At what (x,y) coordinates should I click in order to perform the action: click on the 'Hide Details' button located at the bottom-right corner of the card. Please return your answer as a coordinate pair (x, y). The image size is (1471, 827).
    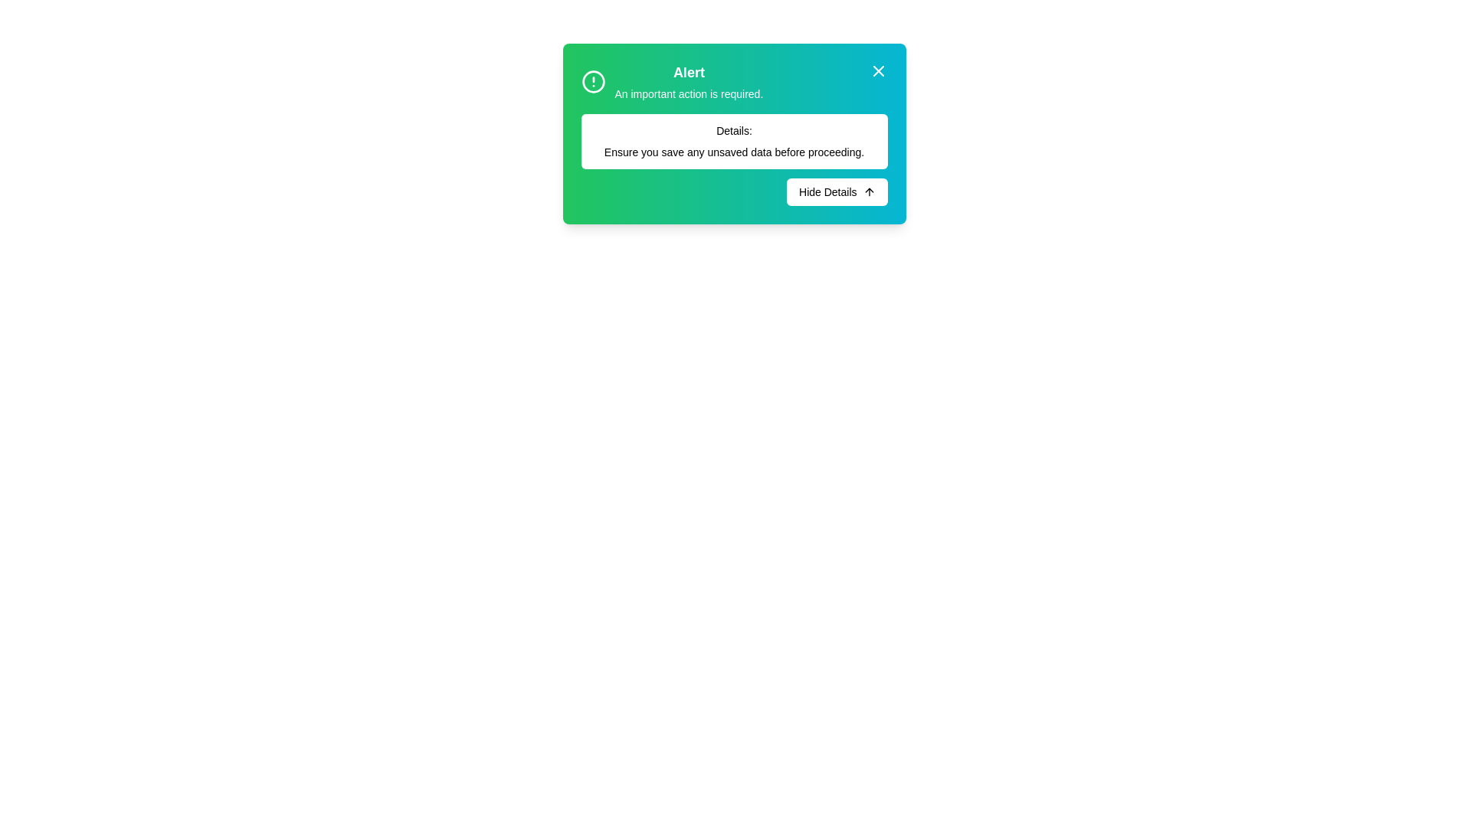
    Looking at the image, I should click on (733, 191).